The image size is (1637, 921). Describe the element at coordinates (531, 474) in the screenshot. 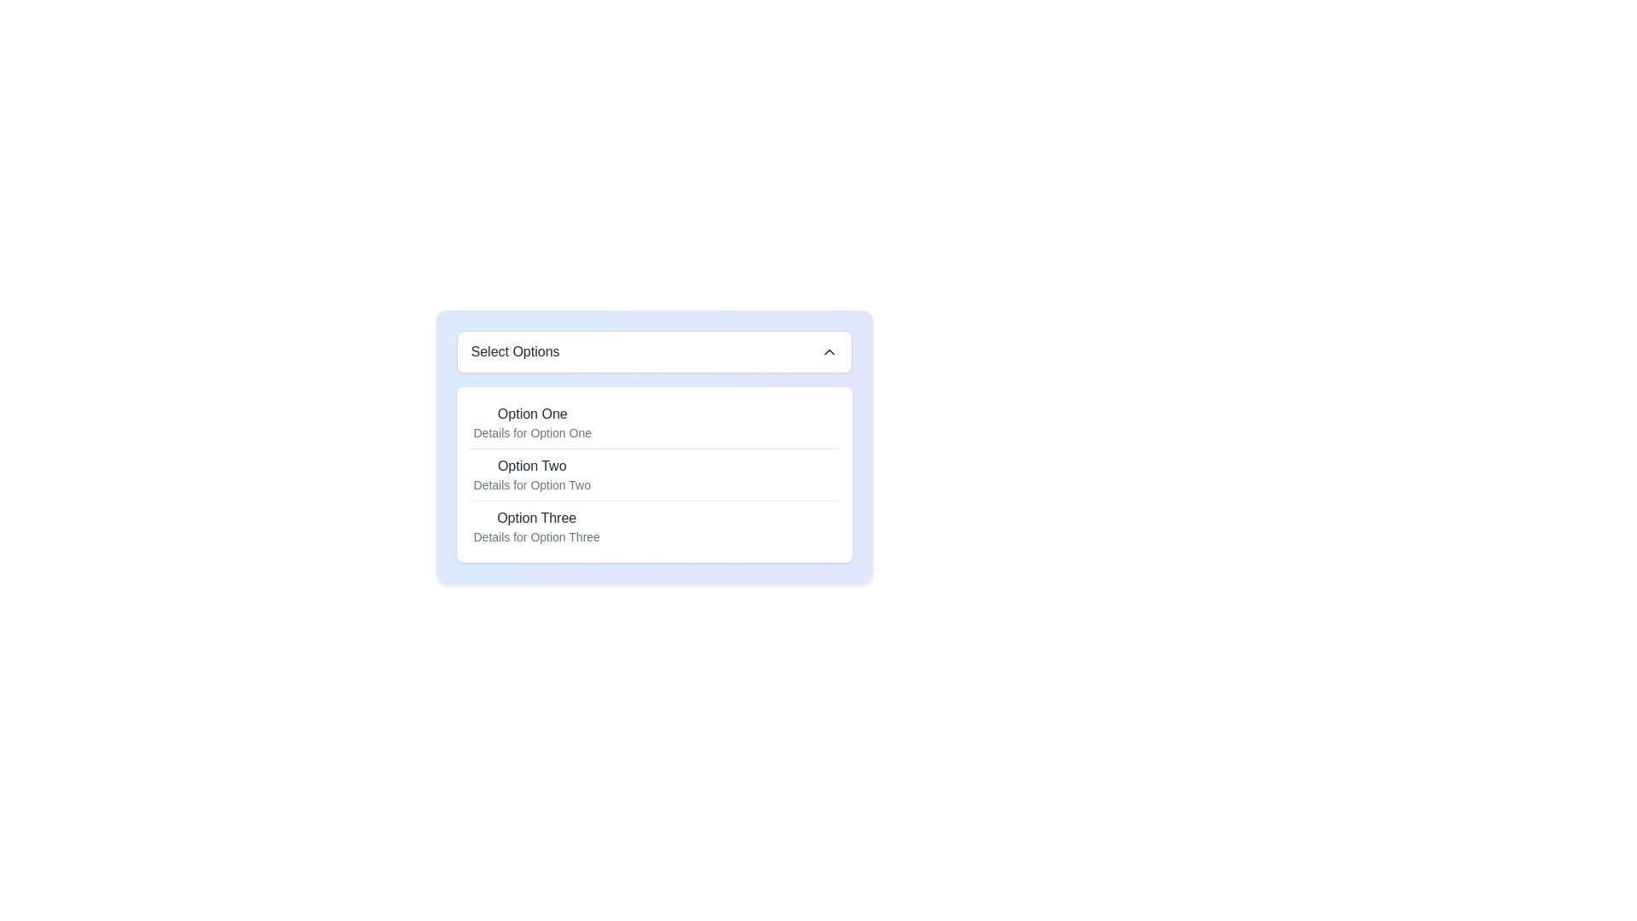

I see `the dropdown menu item labeled 'Option Two', which is the second entry in a vertically arranged list within the dropdown interface` at that location.